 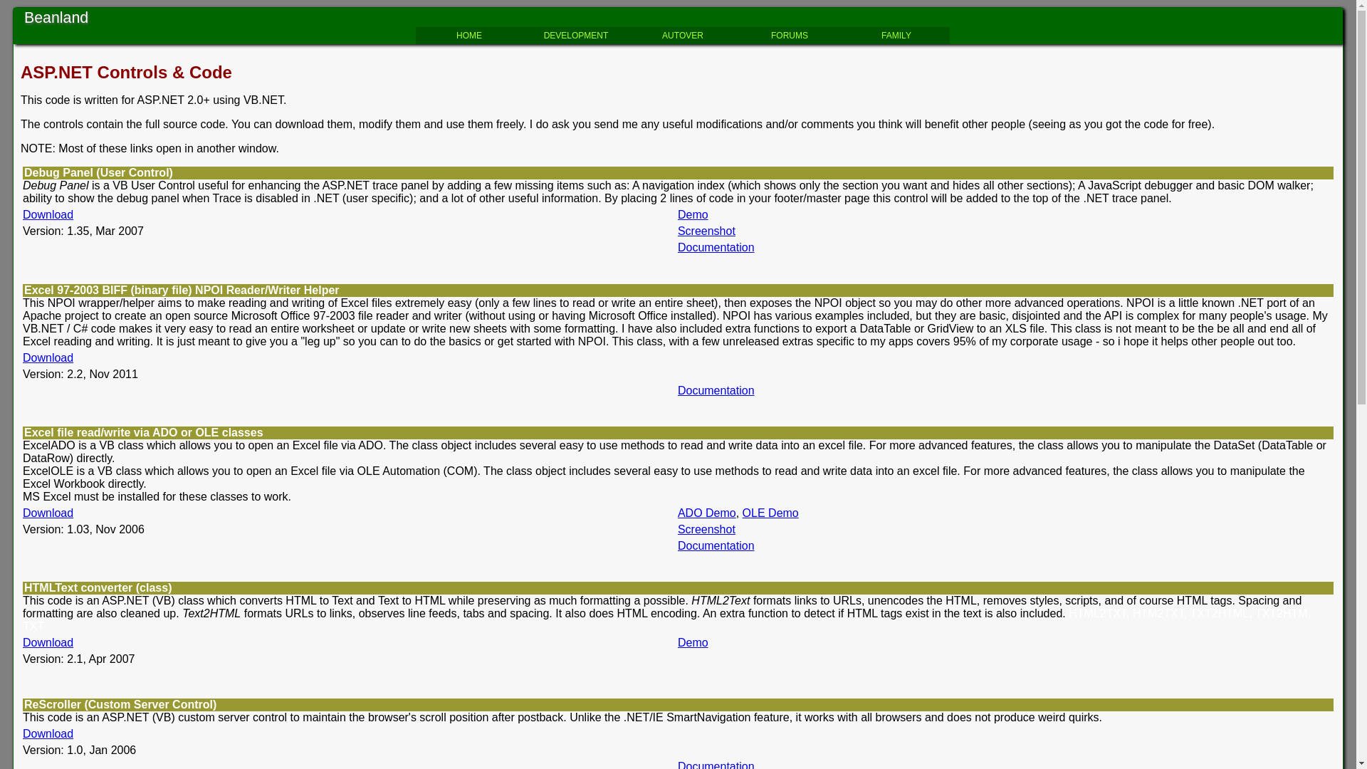 I want to click on 'Documentation', so click(x=676, y=390).